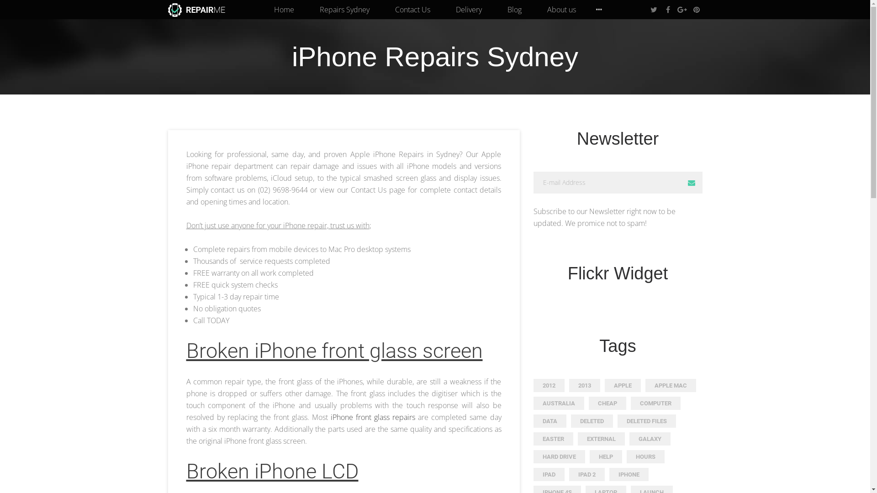  I want to click on 'COMPUTER', so click(655, 403).